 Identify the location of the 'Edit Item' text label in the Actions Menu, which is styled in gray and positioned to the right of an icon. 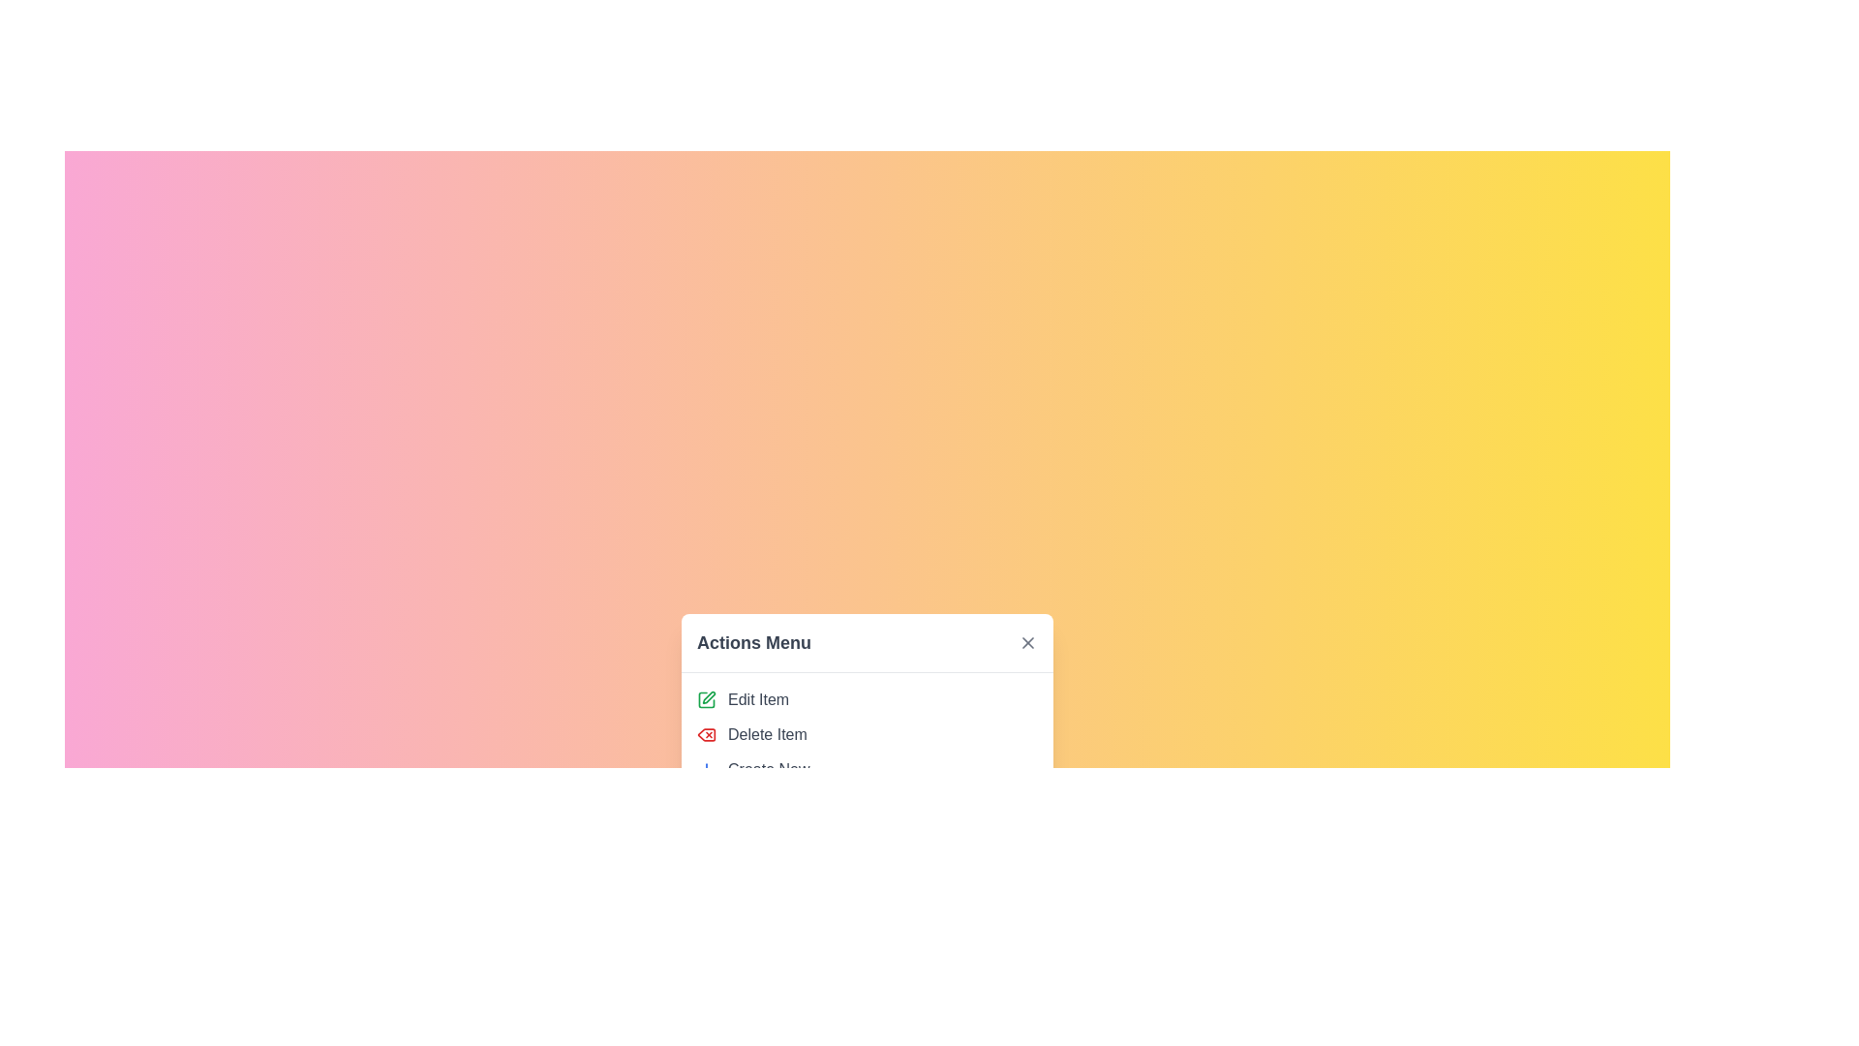
(757, 699).